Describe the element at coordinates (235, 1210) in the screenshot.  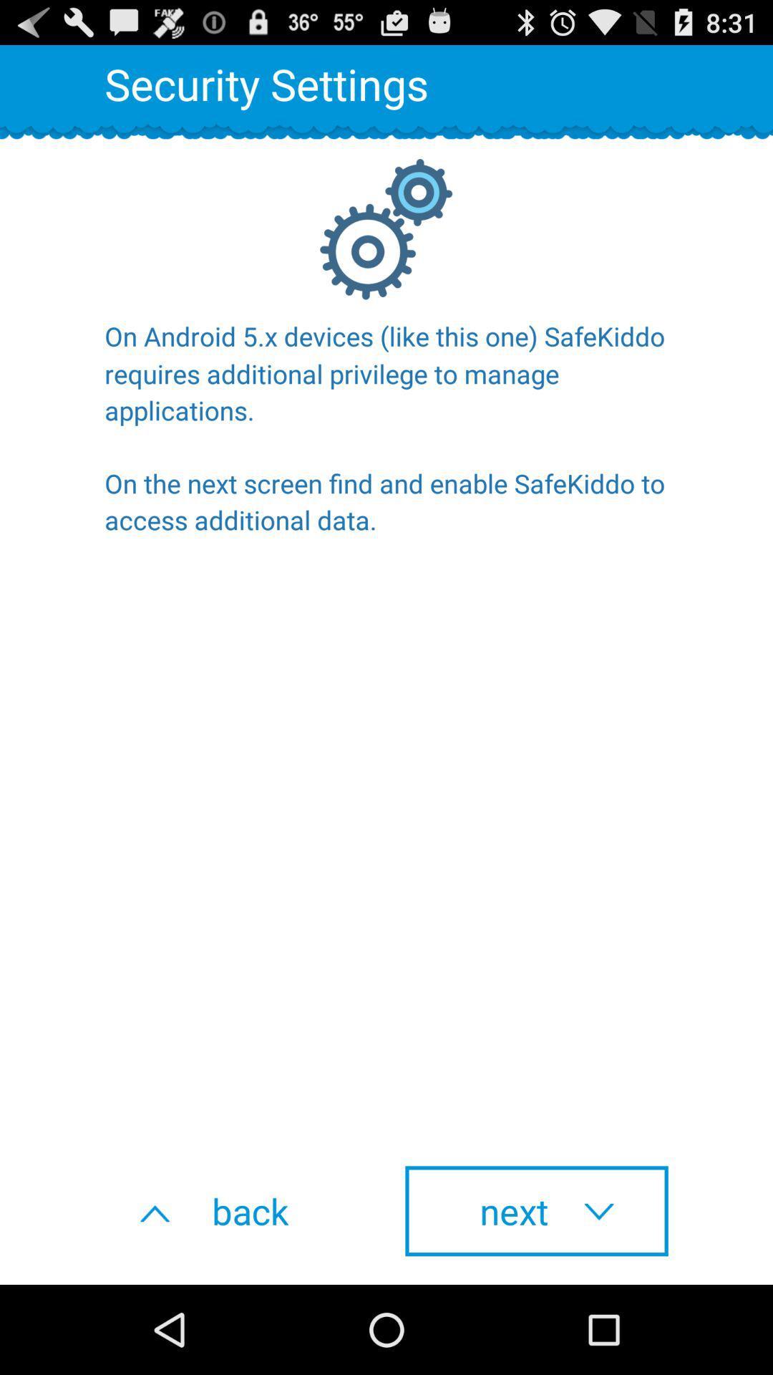
I see `back button` at that location.